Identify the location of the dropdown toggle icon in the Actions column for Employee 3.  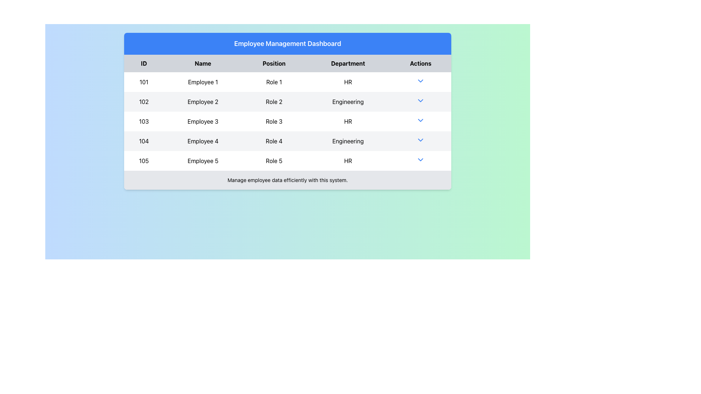
(421, 121).